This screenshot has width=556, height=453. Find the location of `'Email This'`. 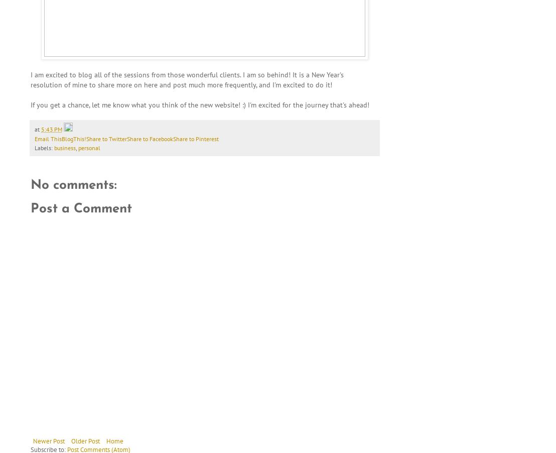

'Email This' is located at coordinates (48, 138).